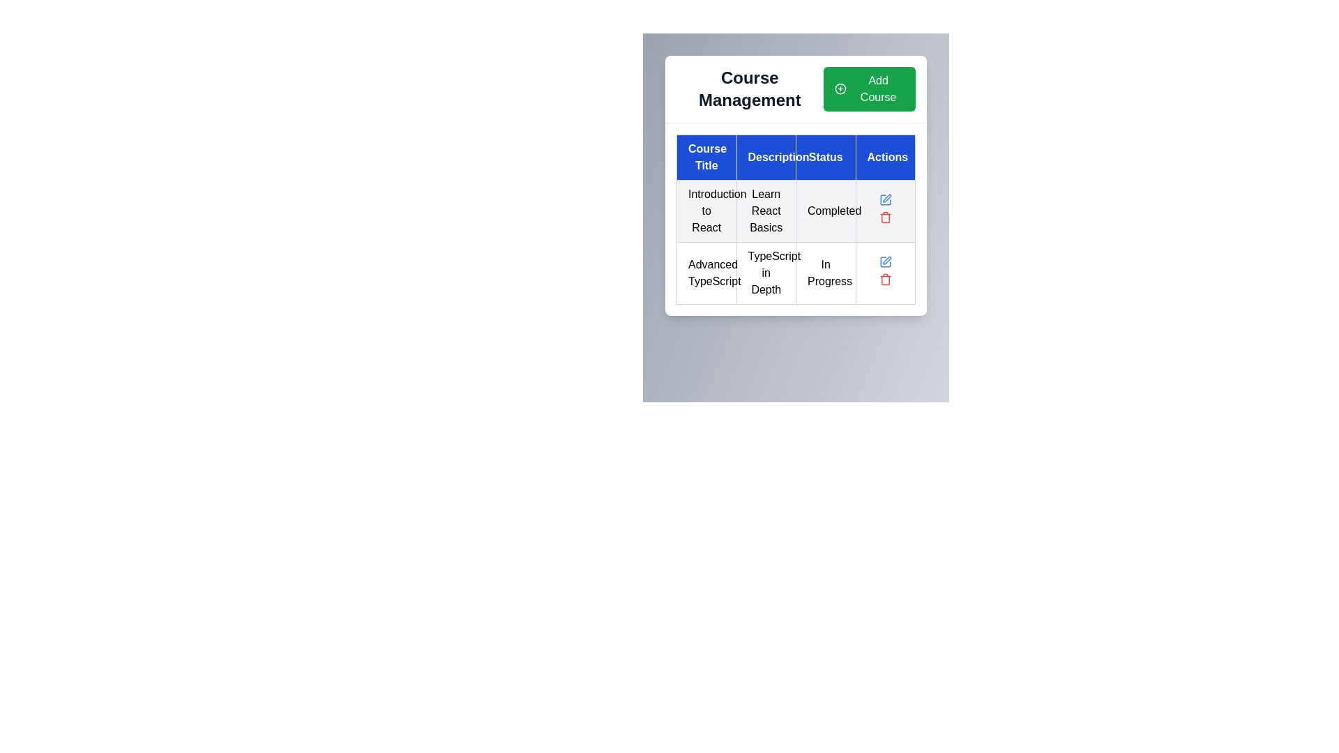 This screenshot has height=753, width=1339. Describe the element at coordinates (706, 273) in the screenshot. I see `the text content displaying the course title 'Advanced TypeScript' located in the 'Course Title' column and second row of the table` at that location.